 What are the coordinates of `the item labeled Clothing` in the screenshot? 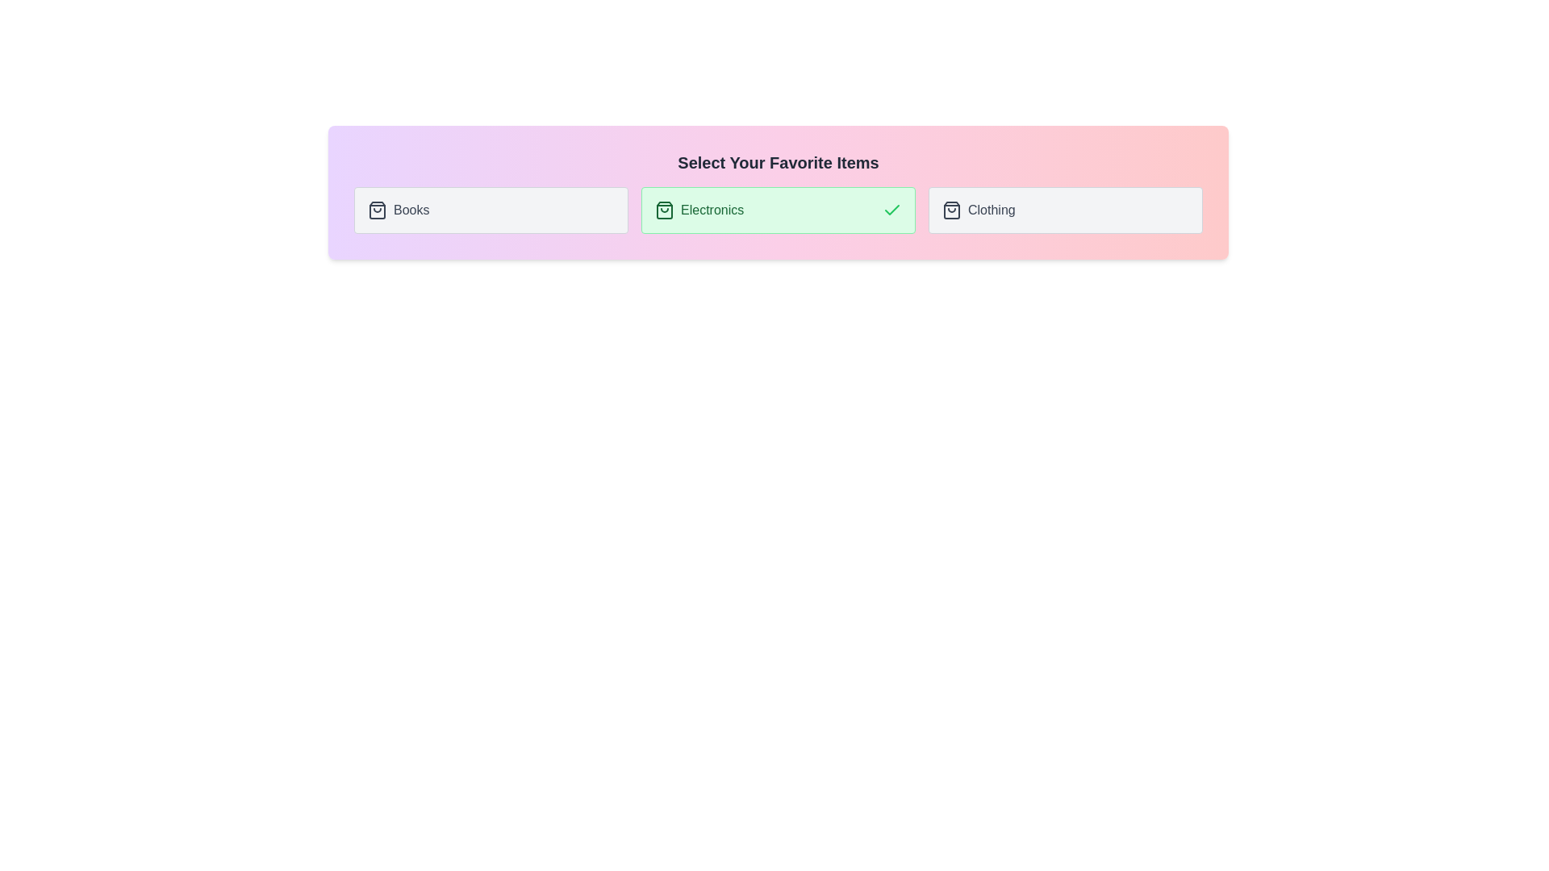 It's located at (1065, 210).